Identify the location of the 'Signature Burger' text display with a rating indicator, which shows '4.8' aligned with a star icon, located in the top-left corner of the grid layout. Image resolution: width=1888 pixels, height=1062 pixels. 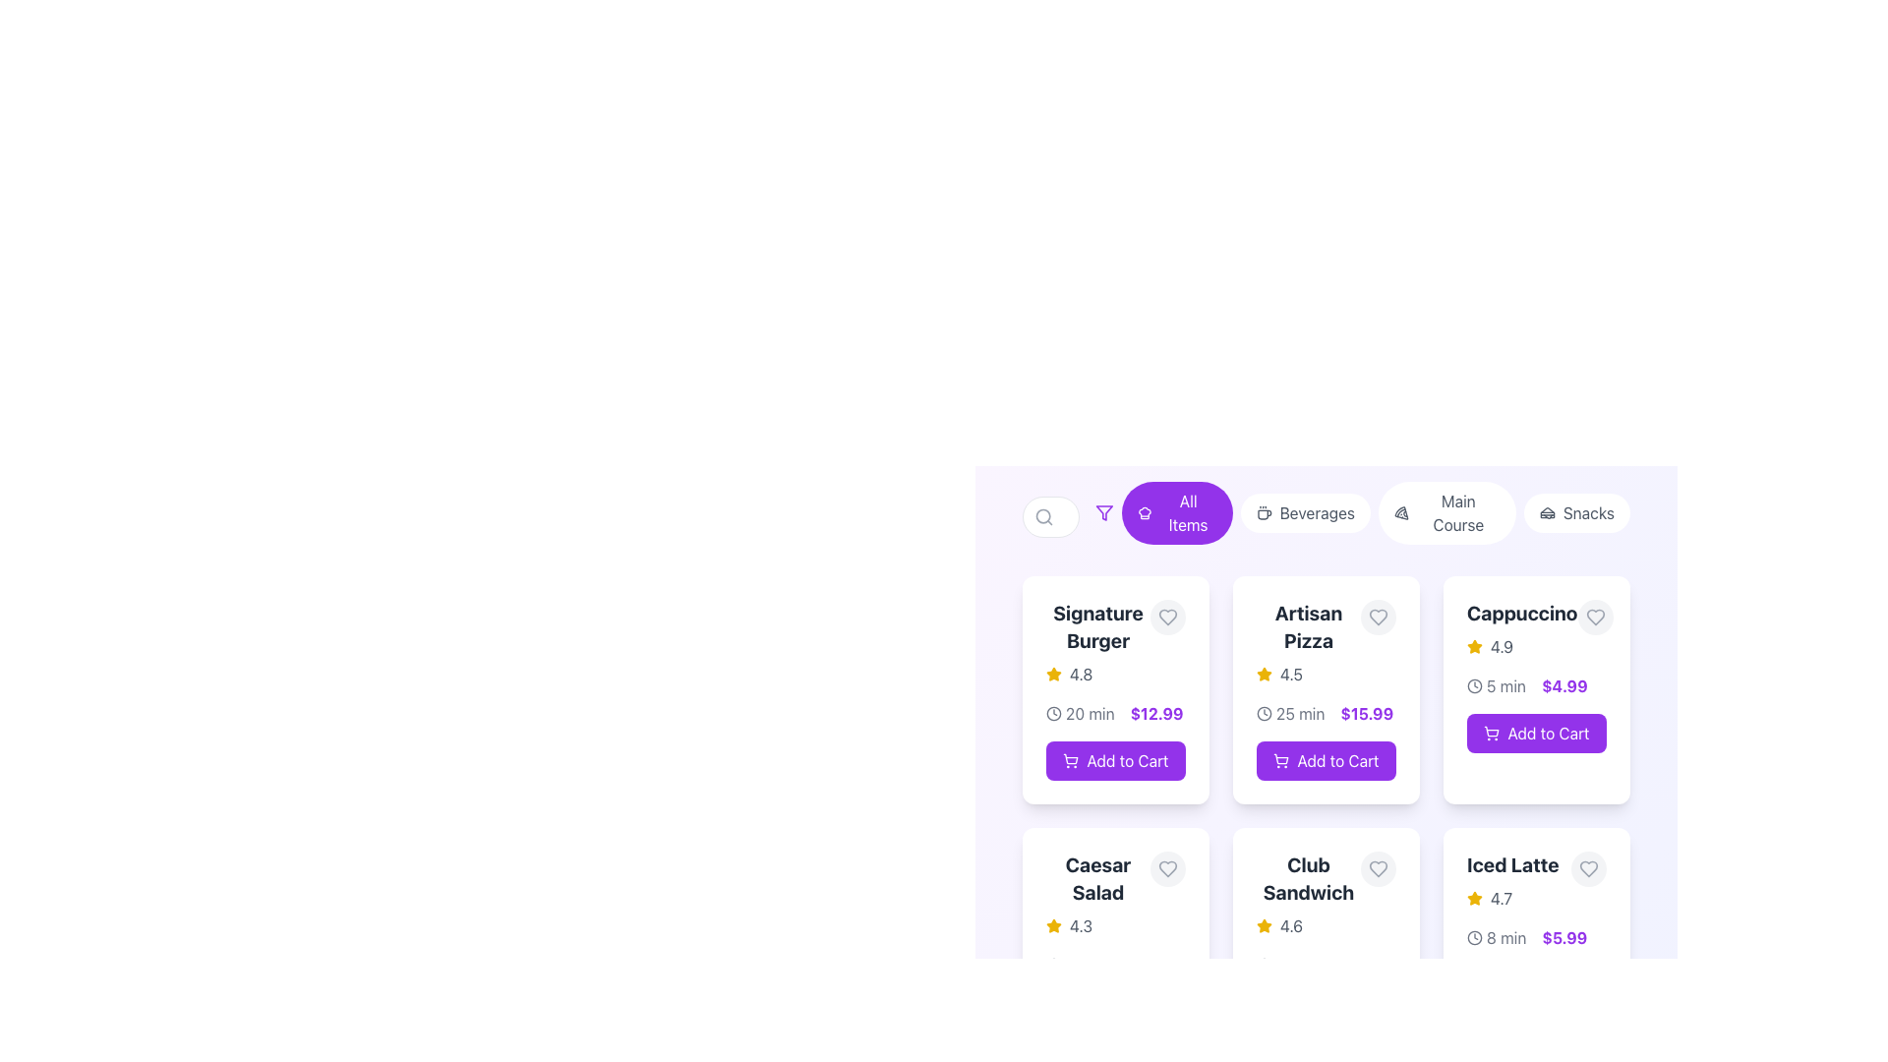
(1097, 643).